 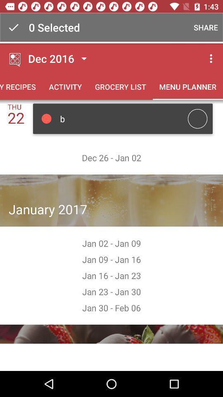 What do you see at coordinates (123, 118) in the screenshot?
I see `the box below activity at the top of the page` at bounding box center [123, 118].